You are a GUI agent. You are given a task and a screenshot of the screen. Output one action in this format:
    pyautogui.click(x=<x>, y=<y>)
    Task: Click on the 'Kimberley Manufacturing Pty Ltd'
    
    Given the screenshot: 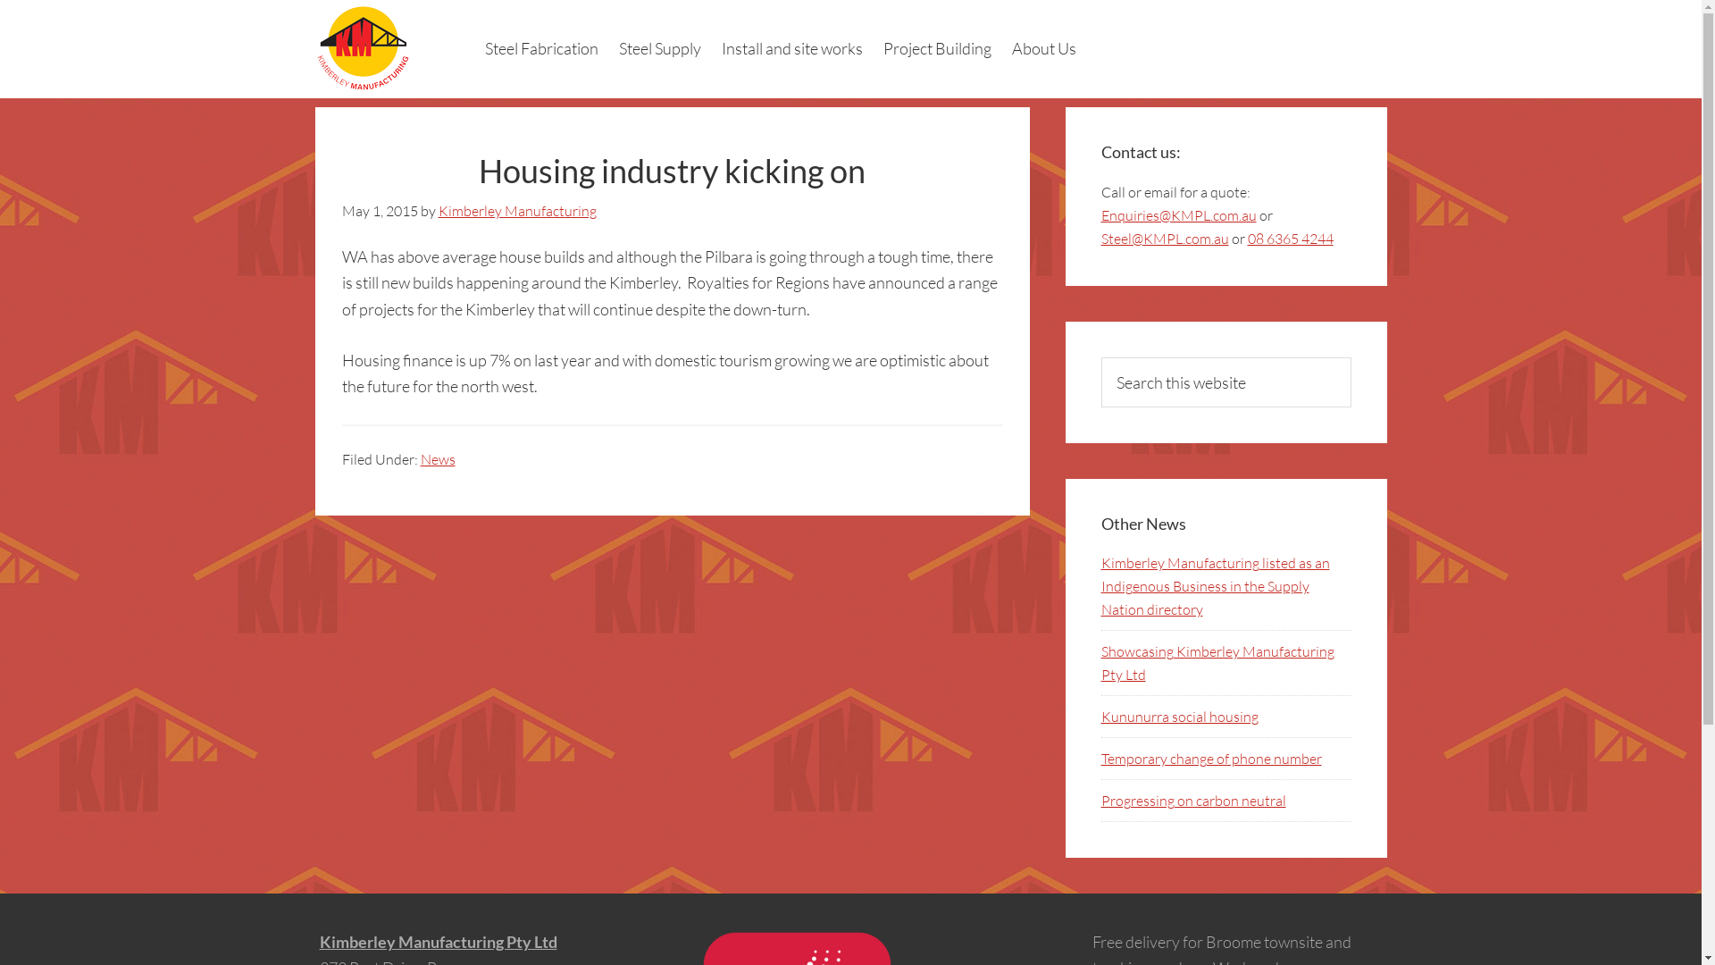 What is the action you would take?
    pyautogui.click(x=393, y=47)
    